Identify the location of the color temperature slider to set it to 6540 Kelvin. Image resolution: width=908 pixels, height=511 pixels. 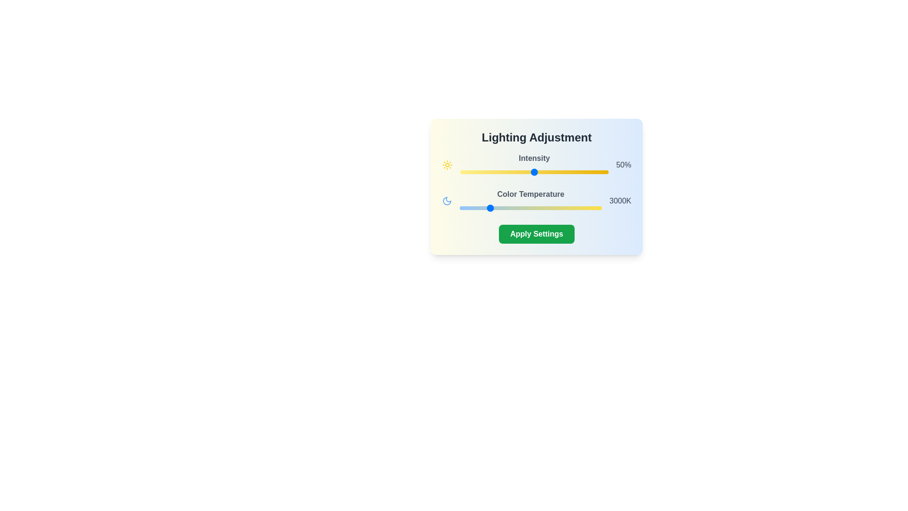
(588, 207).